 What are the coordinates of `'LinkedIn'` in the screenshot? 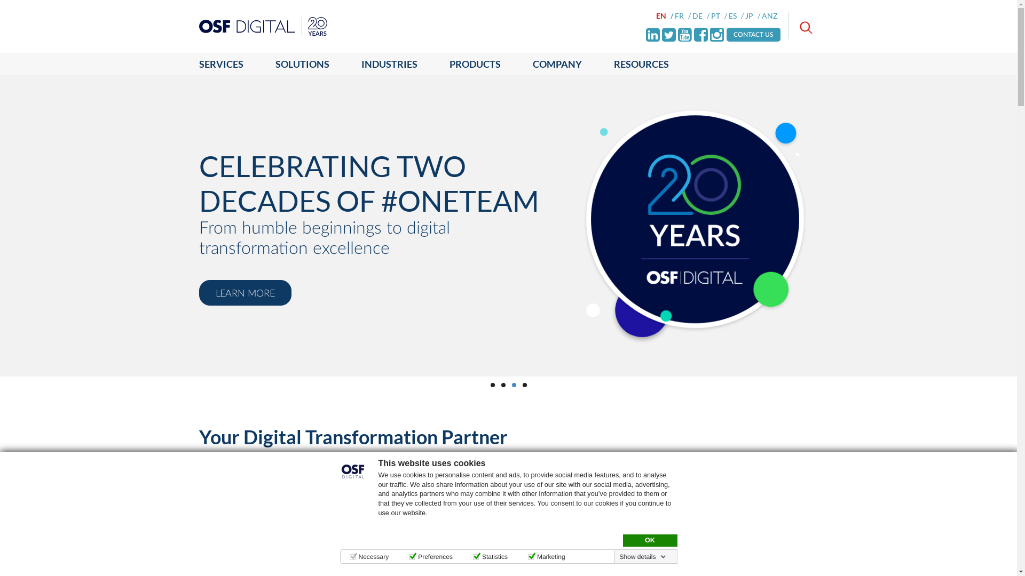 It's located at (652, 34).